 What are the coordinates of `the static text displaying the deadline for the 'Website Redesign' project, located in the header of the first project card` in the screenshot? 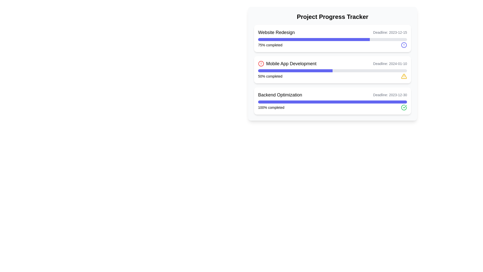 It's located at (390, 32).